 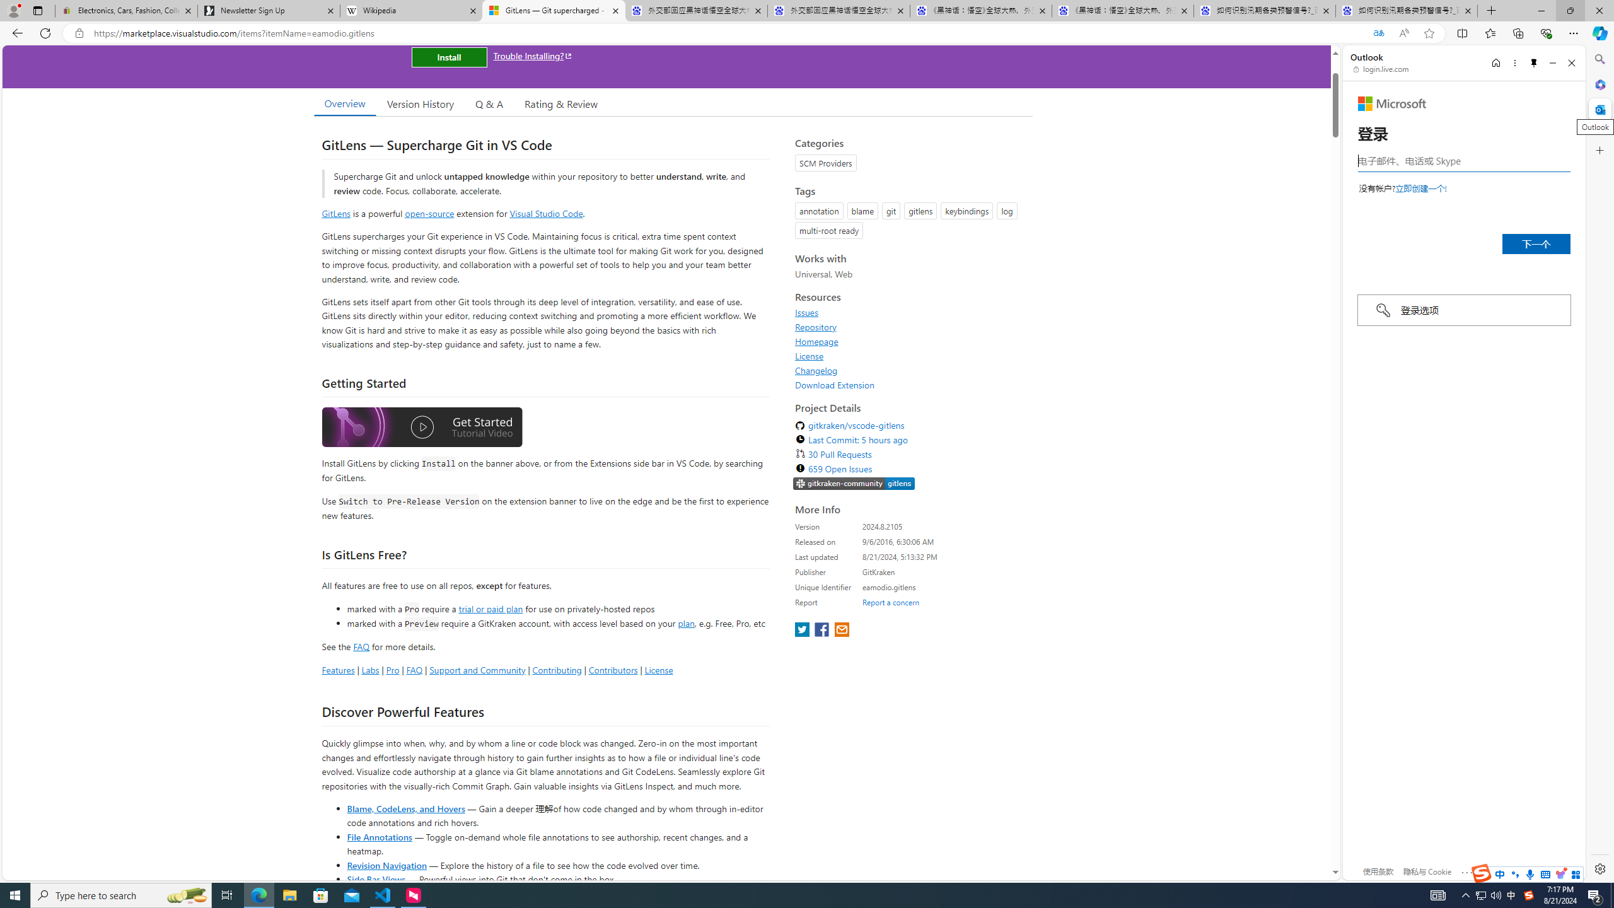 What do you see at coordinates (557, 669) in the screenshot?
I see `'Contributing'` at bounding box center [557, 669].